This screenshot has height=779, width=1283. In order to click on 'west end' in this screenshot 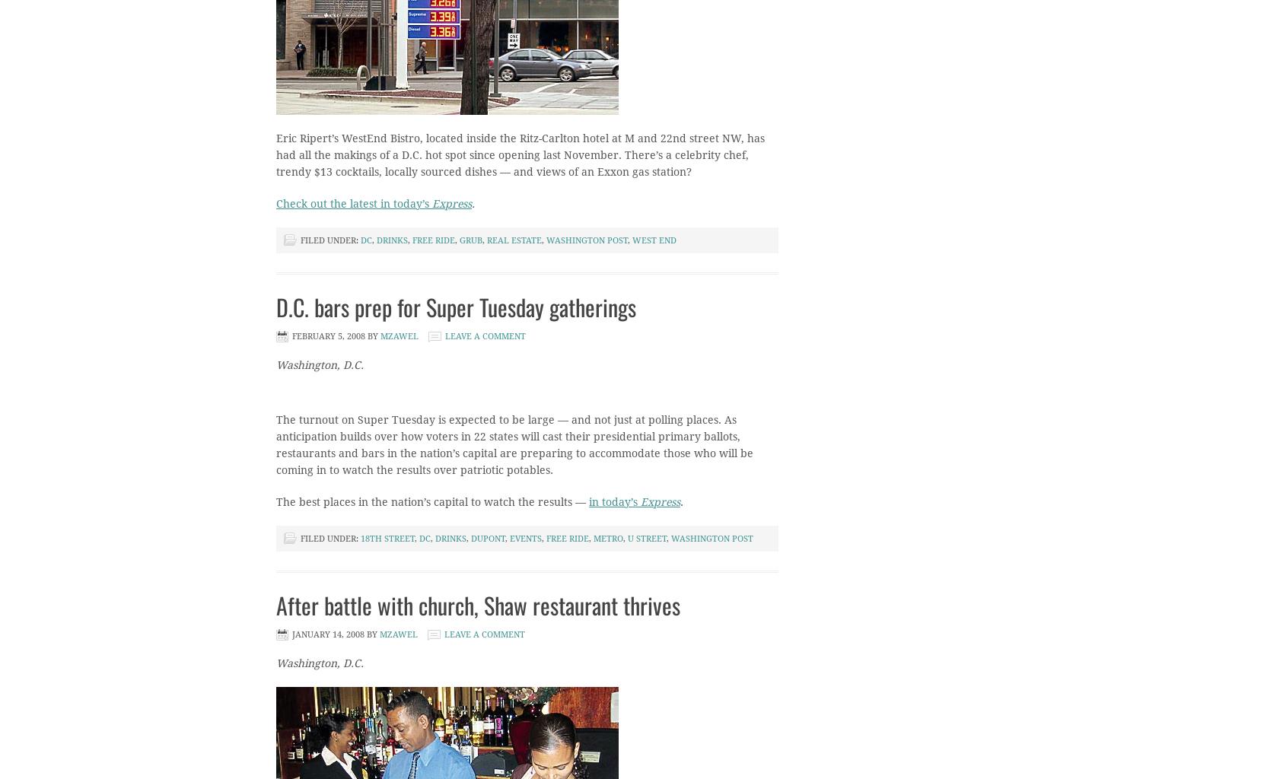, I will do `click(654, 240)`.